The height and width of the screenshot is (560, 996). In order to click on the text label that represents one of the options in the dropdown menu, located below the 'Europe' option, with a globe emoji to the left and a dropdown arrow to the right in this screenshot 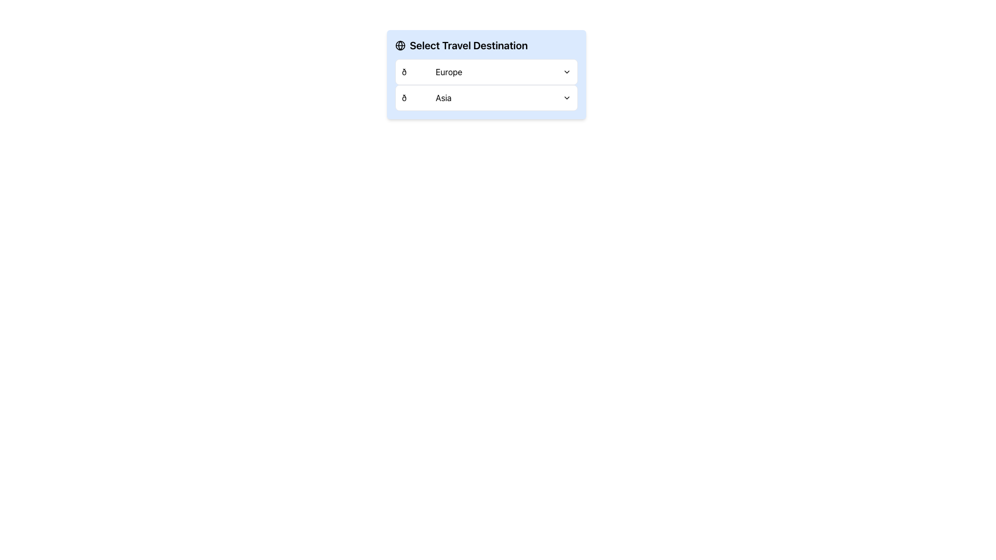, I will do `click(444, 98)`.